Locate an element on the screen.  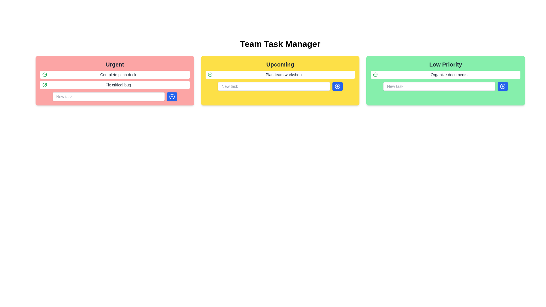
on the task item labeled 'Fix critical bug' located in the 'Urgent' section of the task board is located at coordinates (114, 85).